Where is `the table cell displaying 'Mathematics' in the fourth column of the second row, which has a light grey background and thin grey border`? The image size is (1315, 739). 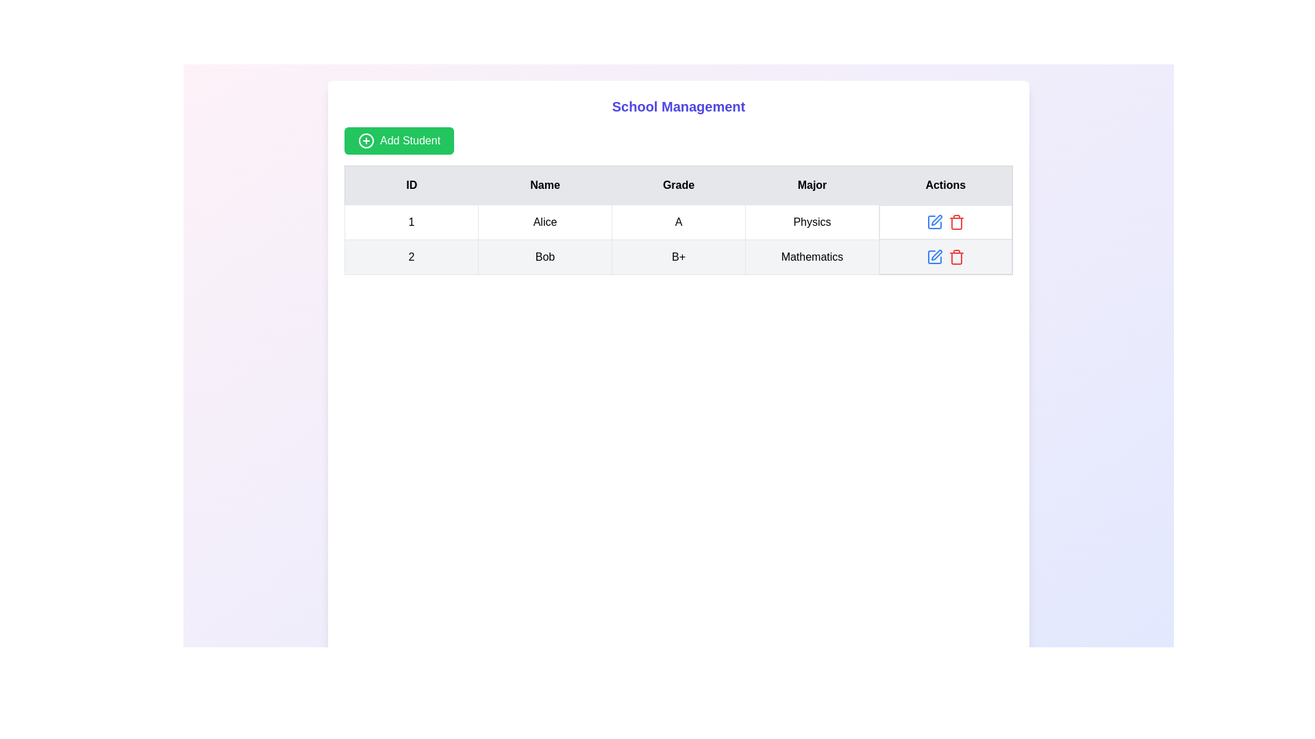
the table cell displaying 'Mathematics' in the fourth column of the second row, which has a light grey background and thin grey border is located at coordinates (812, 256).